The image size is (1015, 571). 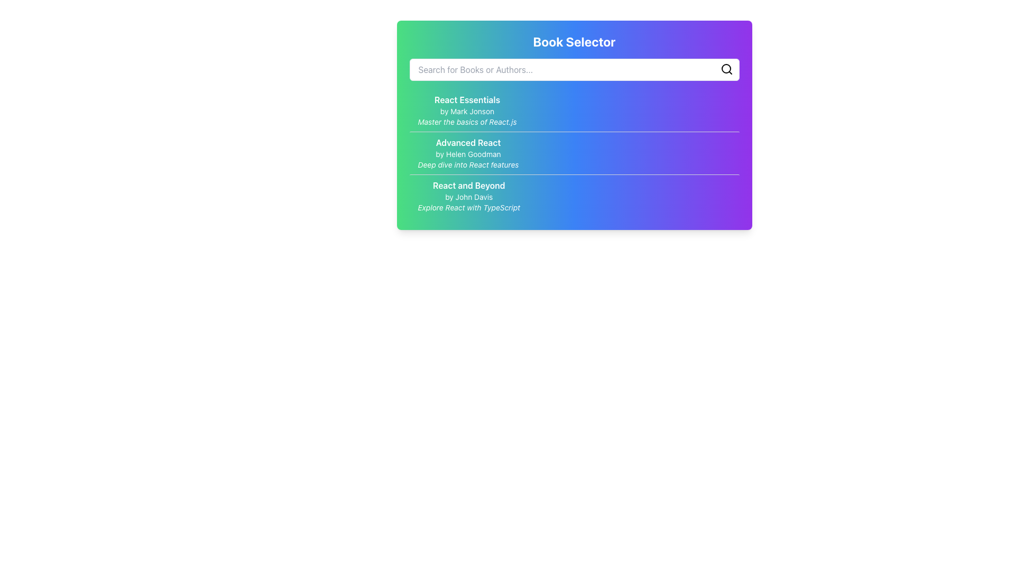 What do you see at coordinates (468, 153) in the screenshot?
I see `text content of the book description for 'Advanced React' by Helen Goodman, which is the second item in the 'Book Selector' card` at bounding box center [468, 153].